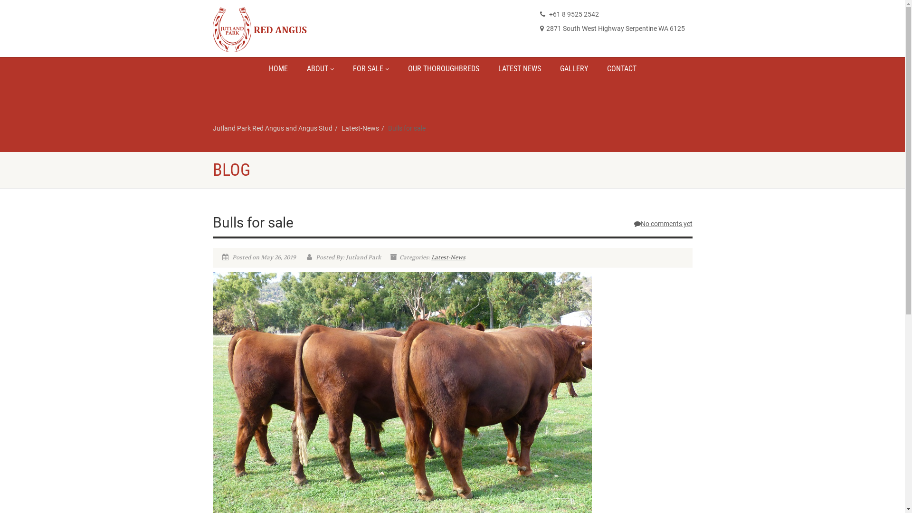 The height and width of the screenshot is (513, 912). What do you see at coordinates (622, 68) in the screenshot?
I see `'CONTACT'` at bounding box center [622, 68].